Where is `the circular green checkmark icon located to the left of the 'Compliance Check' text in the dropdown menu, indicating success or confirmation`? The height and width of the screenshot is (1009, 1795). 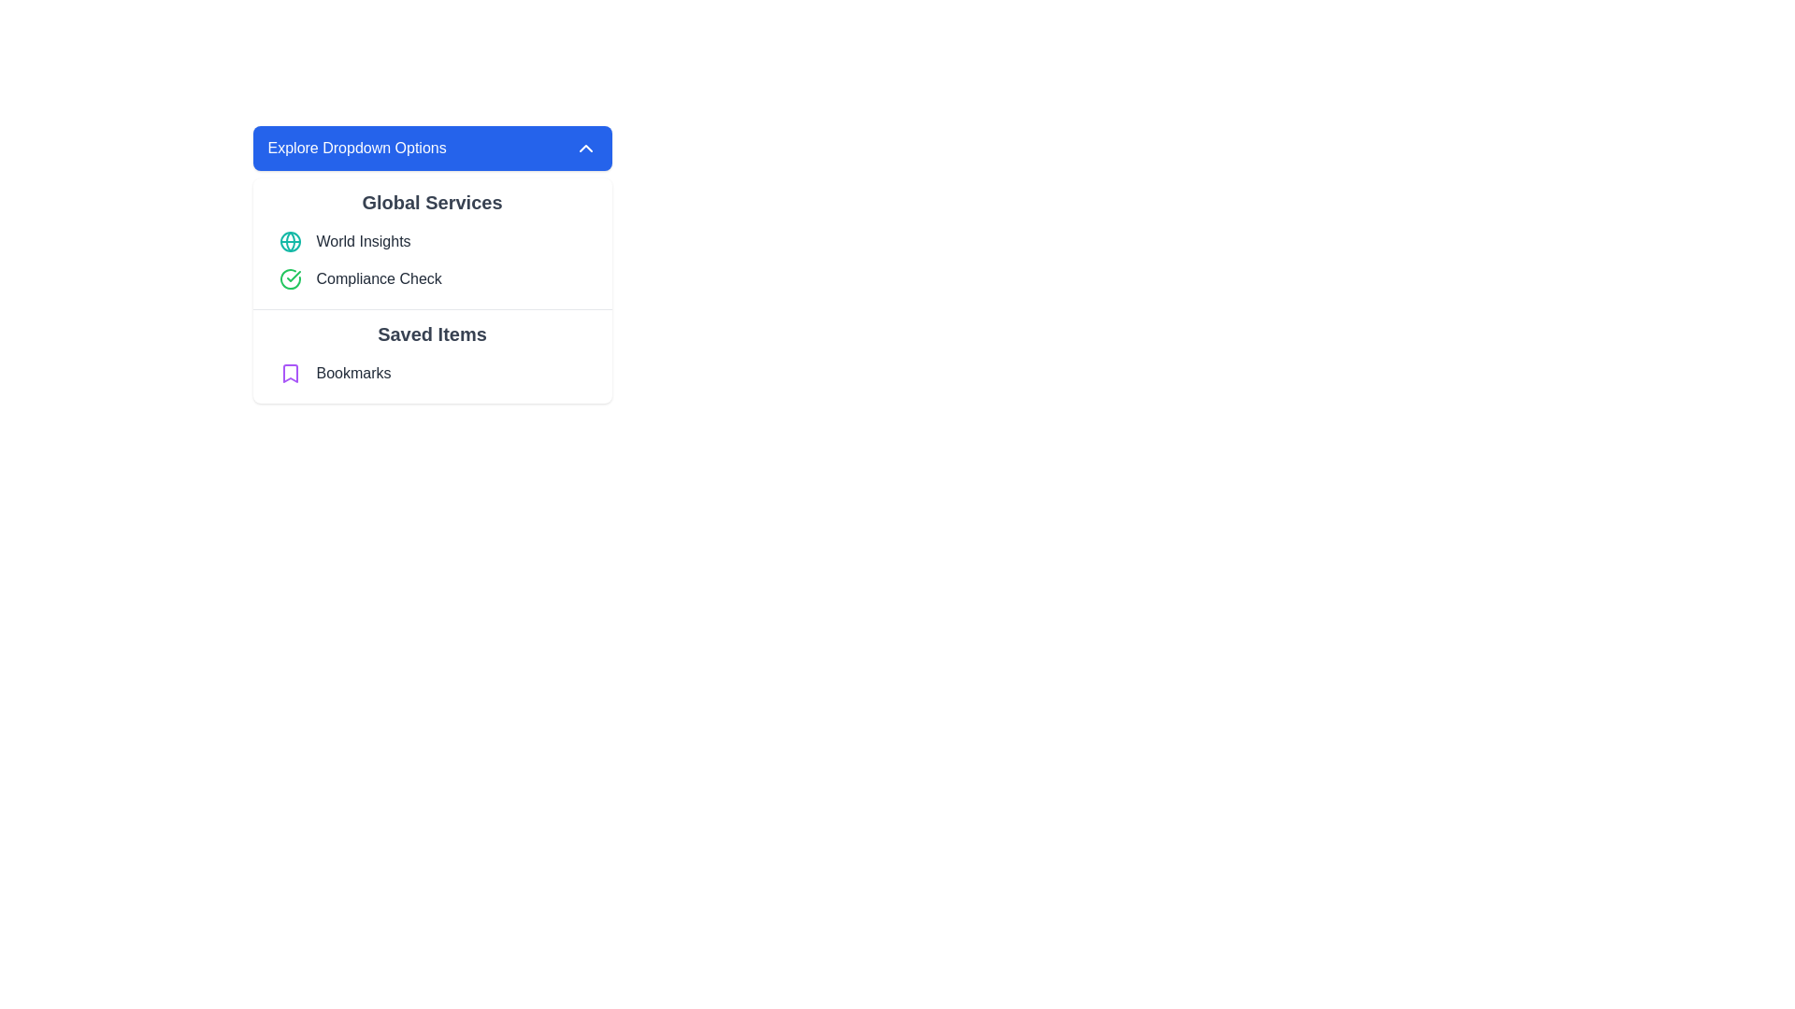
the circular green checkmark icon located to the left of the 'Compliance Check' text in the dropdown menu, indicating success or confirmation is located at coordinates (289, 279).